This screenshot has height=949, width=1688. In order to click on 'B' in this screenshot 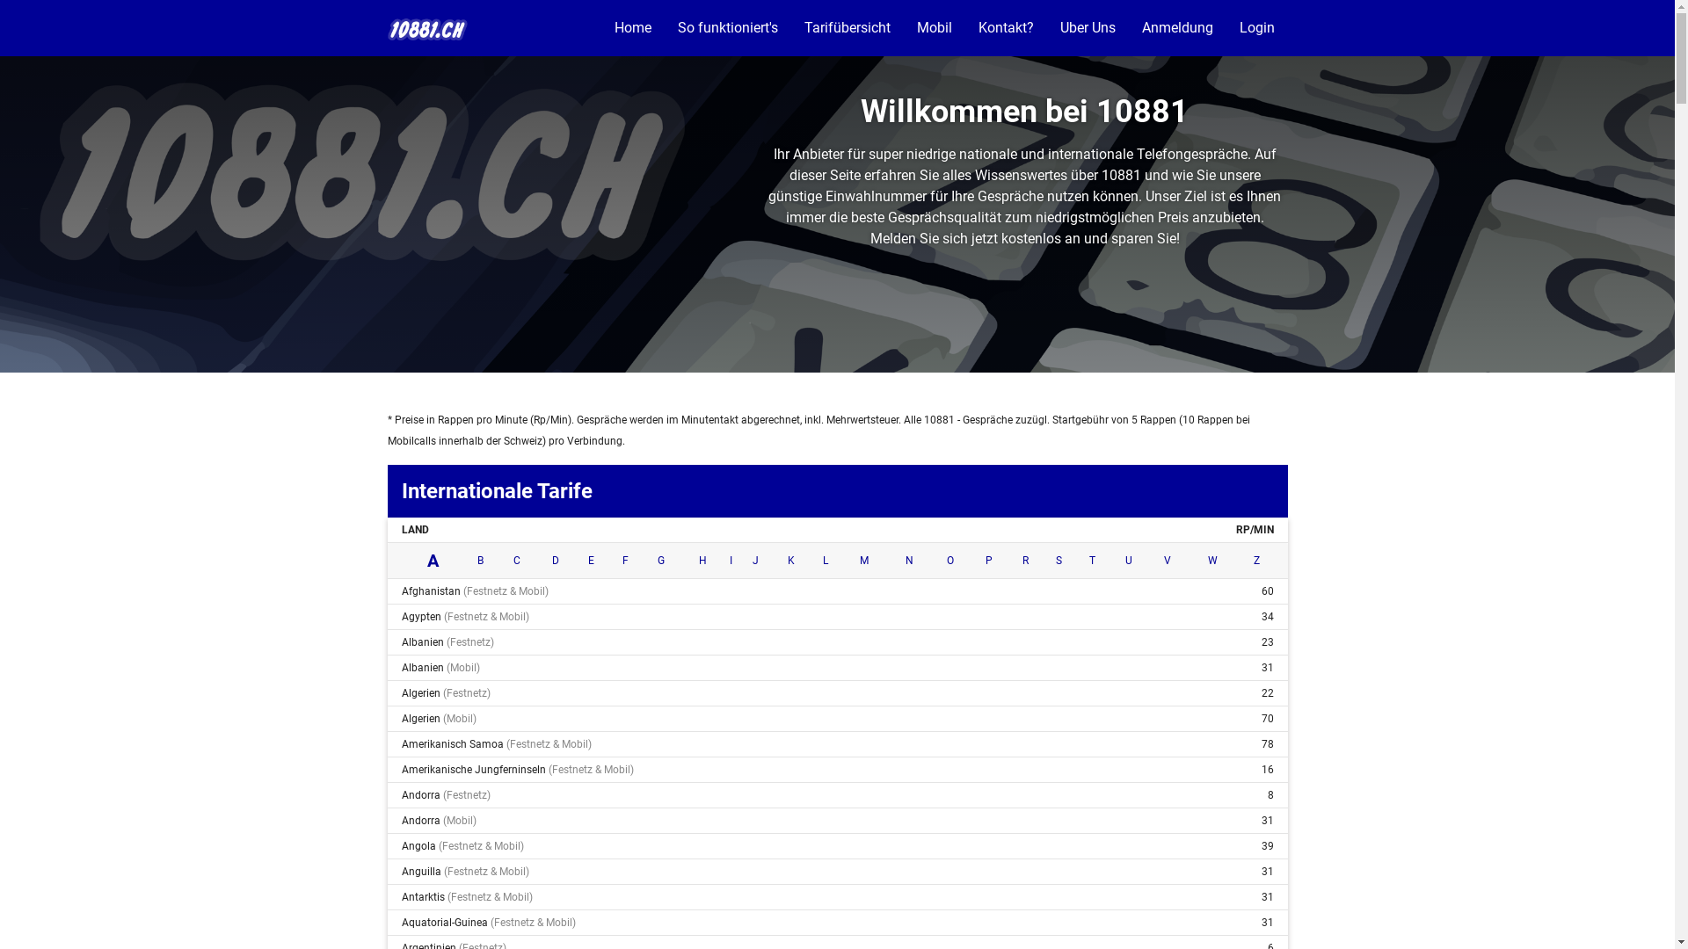, I will do `click(480, 560)`.